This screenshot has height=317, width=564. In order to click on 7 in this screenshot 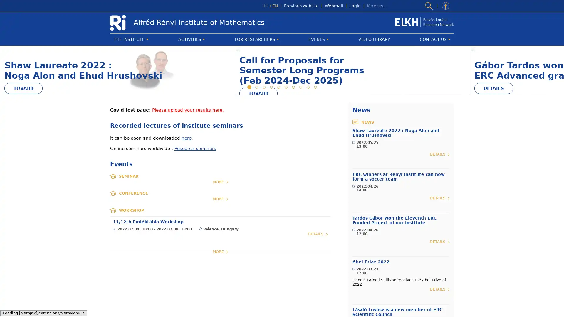, I will do `click(293, 155)`.